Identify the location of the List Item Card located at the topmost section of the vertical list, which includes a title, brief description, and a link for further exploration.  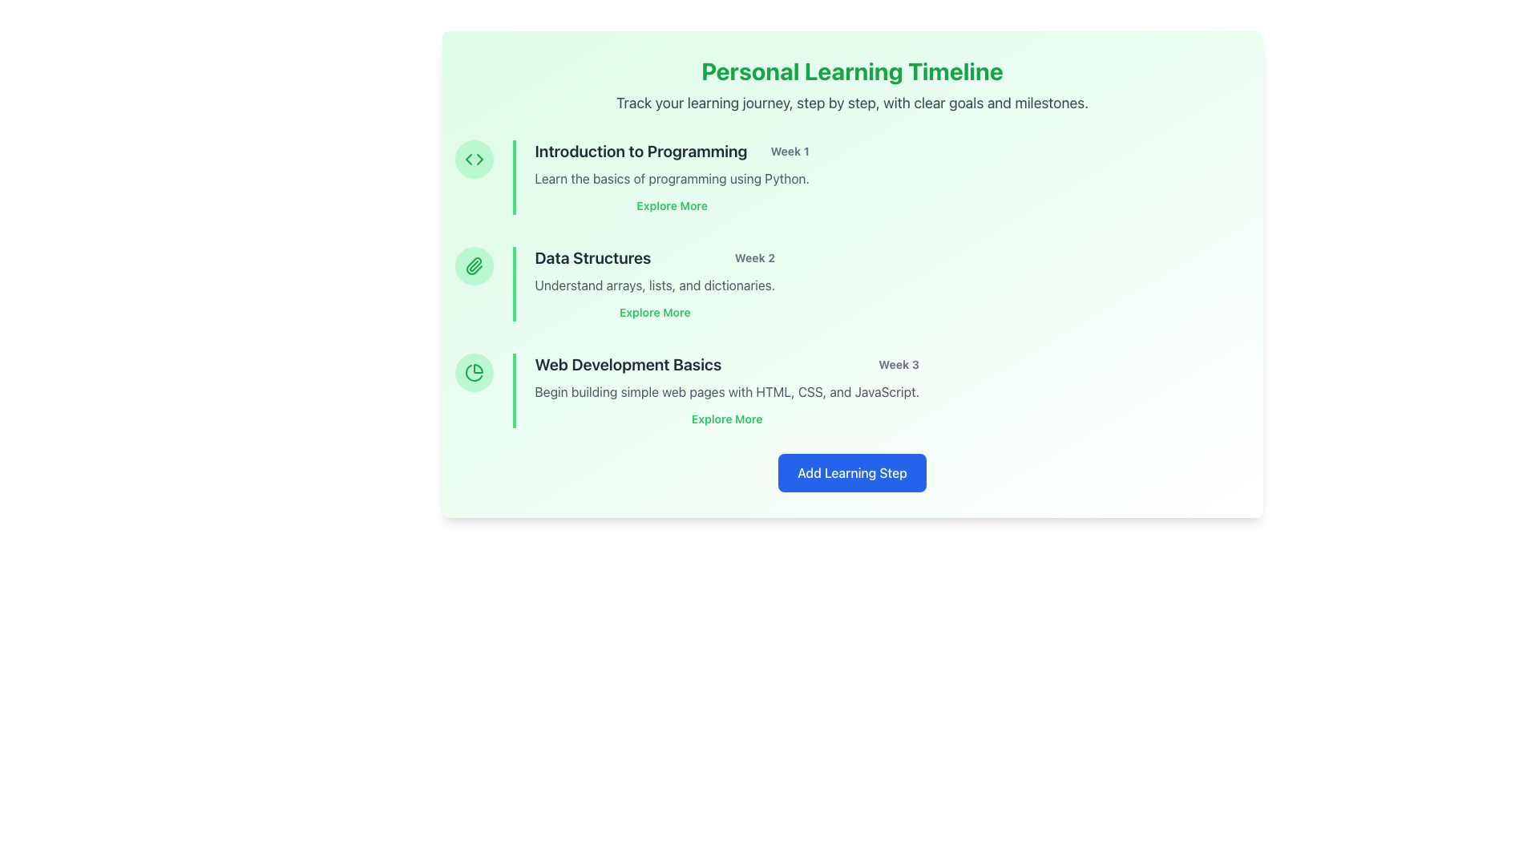
(660, 177).